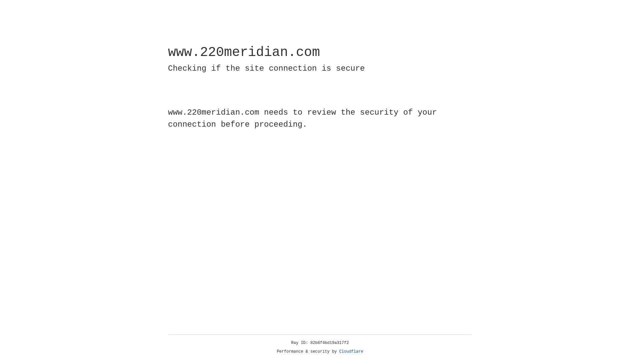 This screenshot has width=640, height=360. I want to click on 'Cloudflare', so click(351, 351).